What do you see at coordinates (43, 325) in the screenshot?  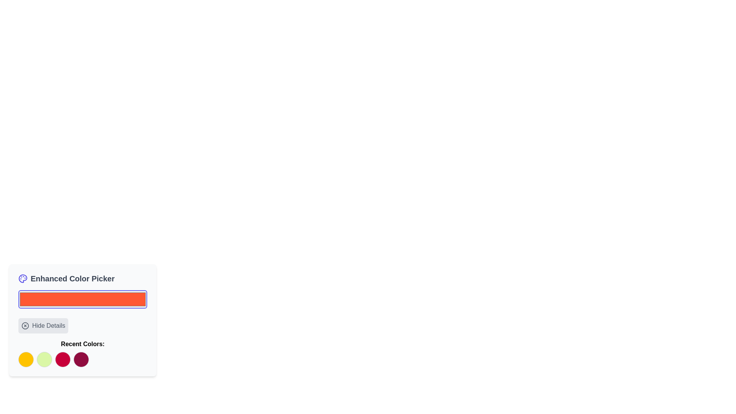 I see `the 'Hide Details' button, which is a light-gray button with bold dark-gray text and an icon of a circle with an X, located near the top of the 'Recent Colors' section` at bounding box center [43, 325].